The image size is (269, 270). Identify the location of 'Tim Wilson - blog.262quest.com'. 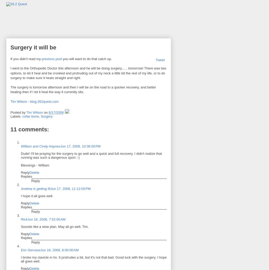
(34, 101).